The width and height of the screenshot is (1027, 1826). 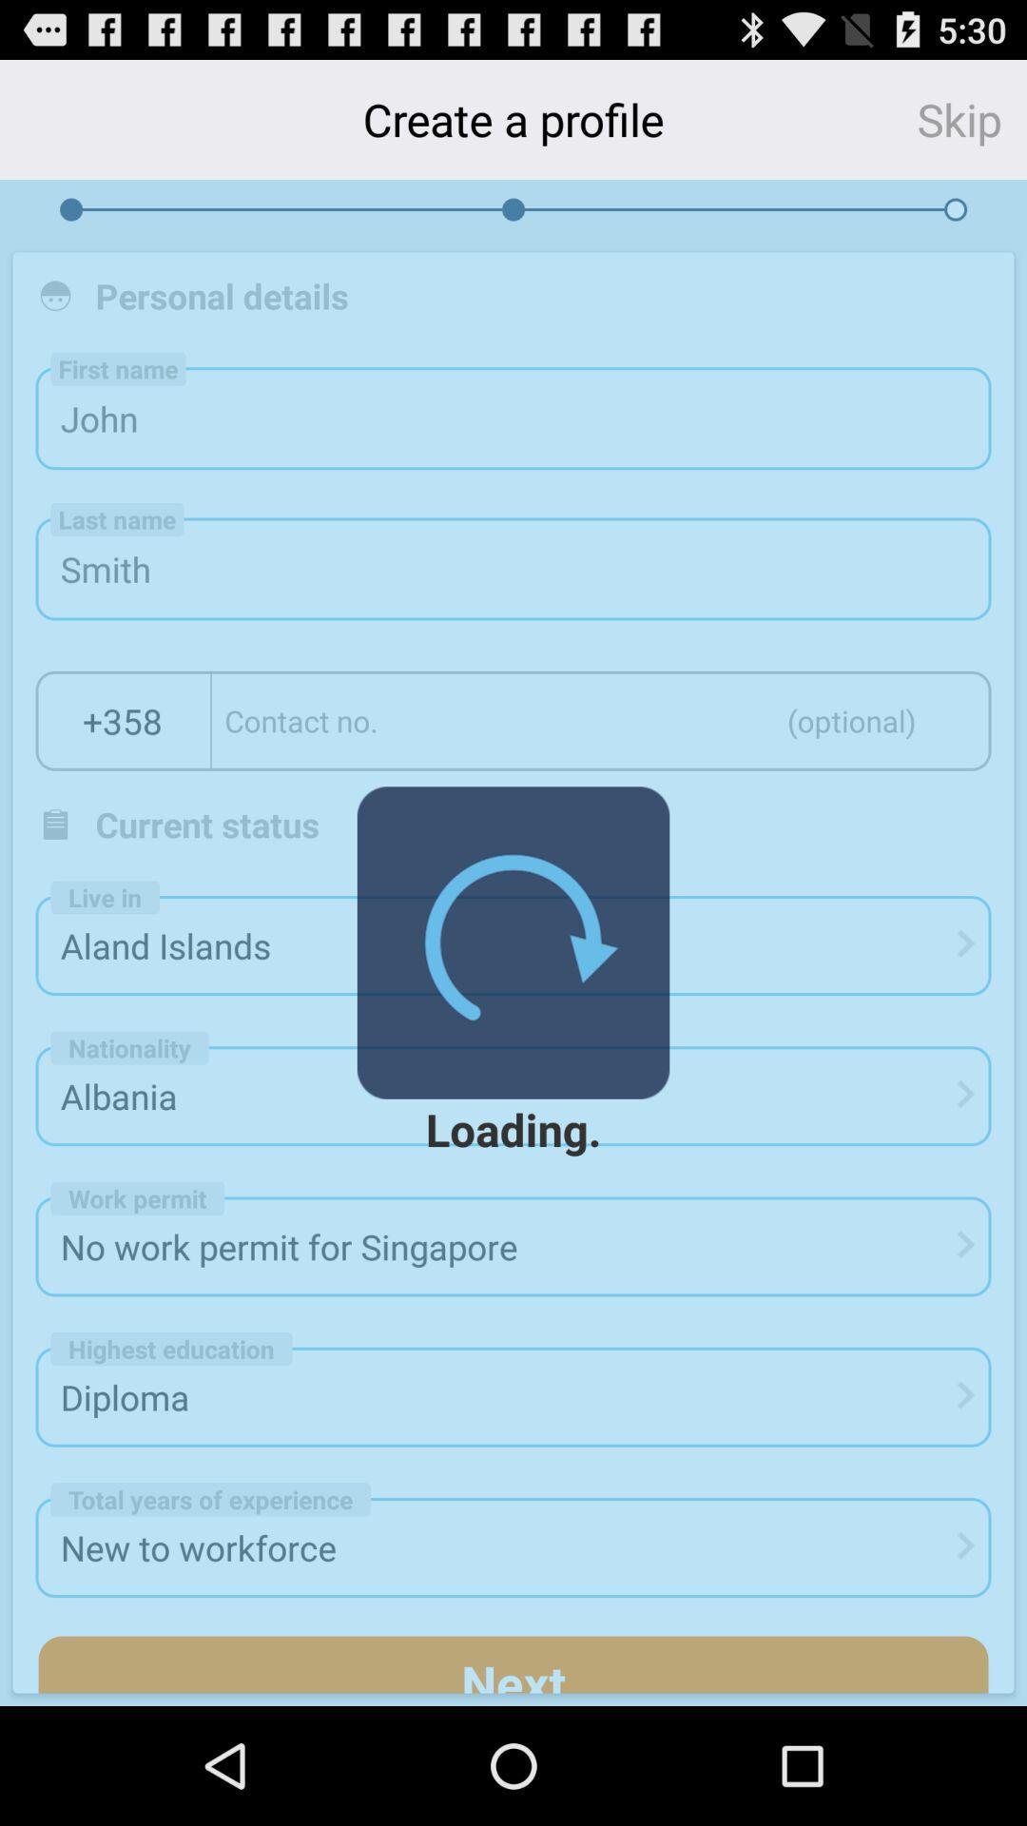 I want to click on the icon left to current status, so click(x=54, y=825).